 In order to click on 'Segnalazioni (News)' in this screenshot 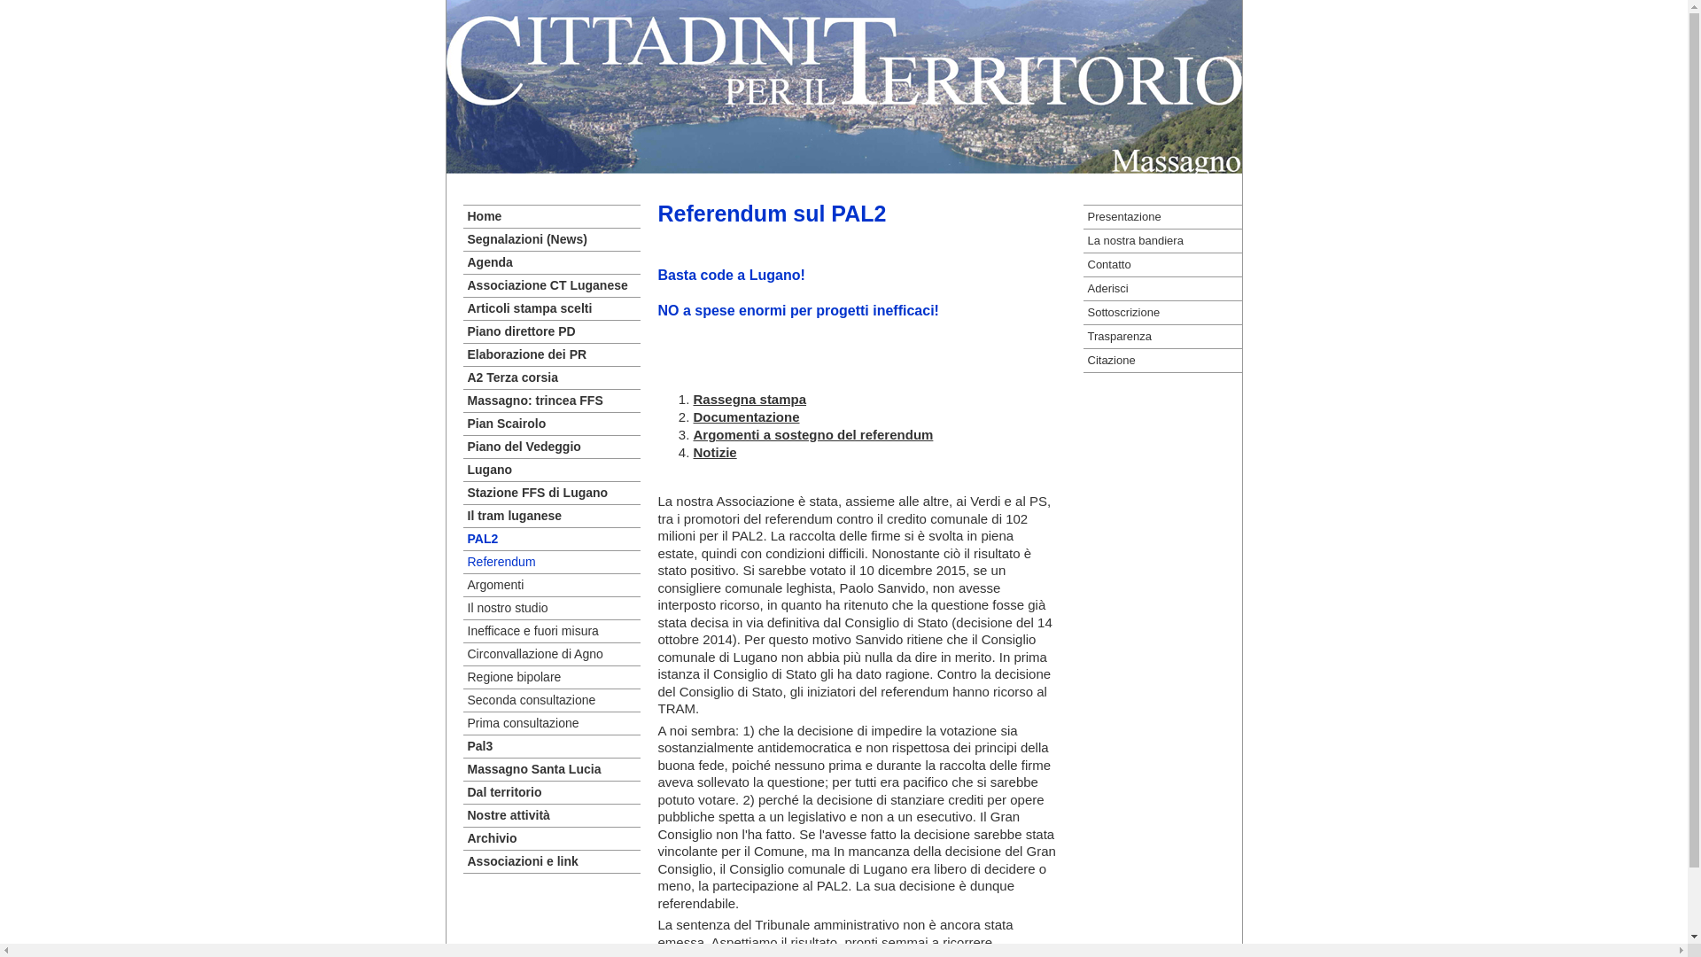, I will do `click(550, 239)`.